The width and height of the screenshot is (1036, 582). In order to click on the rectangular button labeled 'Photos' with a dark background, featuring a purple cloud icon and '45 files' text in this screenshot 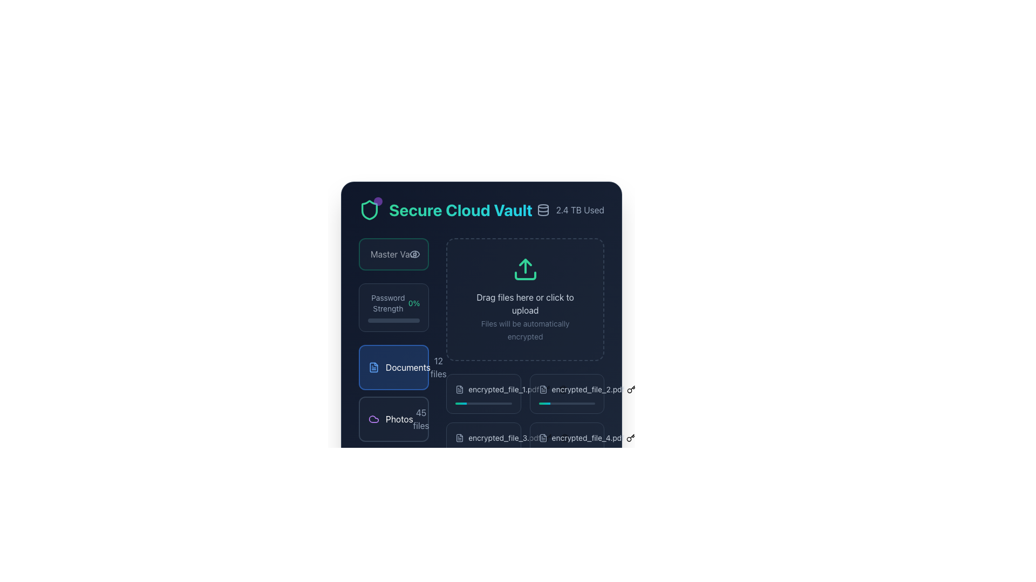, I will do `click(393, 419)`.